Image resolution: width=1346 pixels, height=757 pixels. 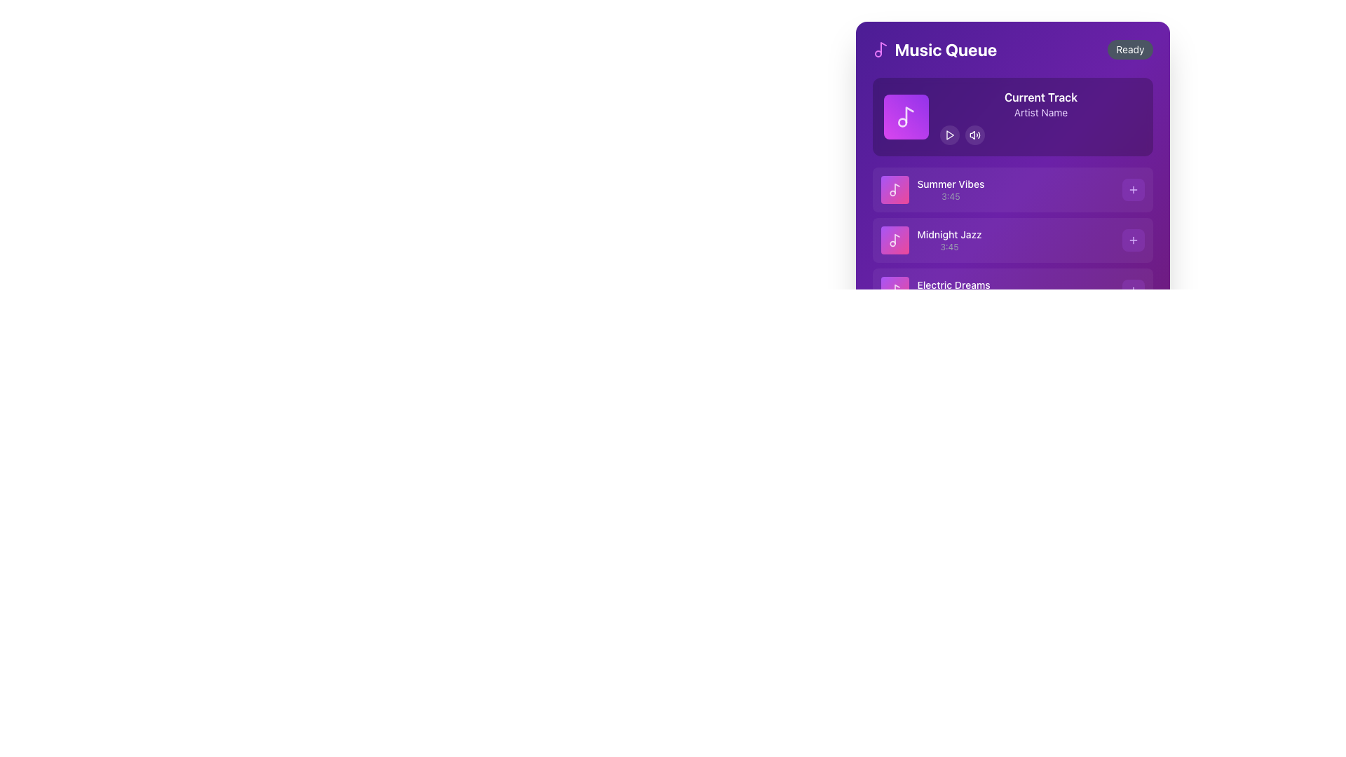 I want to click on the triangular play icon located in the 'Current Track' section of the purple music queue interface, so click(x=950, y=135).